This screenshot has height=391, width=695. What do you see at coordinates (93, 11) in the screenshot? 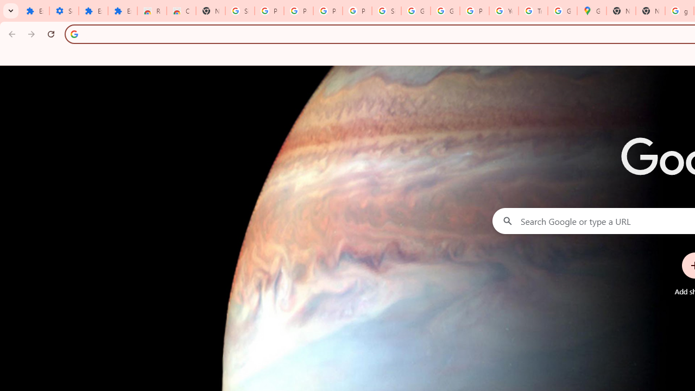
I see `'Extensions'` at bounding box center [93, 11].